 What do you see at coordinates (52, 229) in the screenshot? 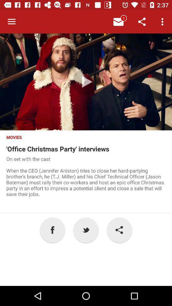
I see `item next to the p icon` at bounding box center [52, 229].